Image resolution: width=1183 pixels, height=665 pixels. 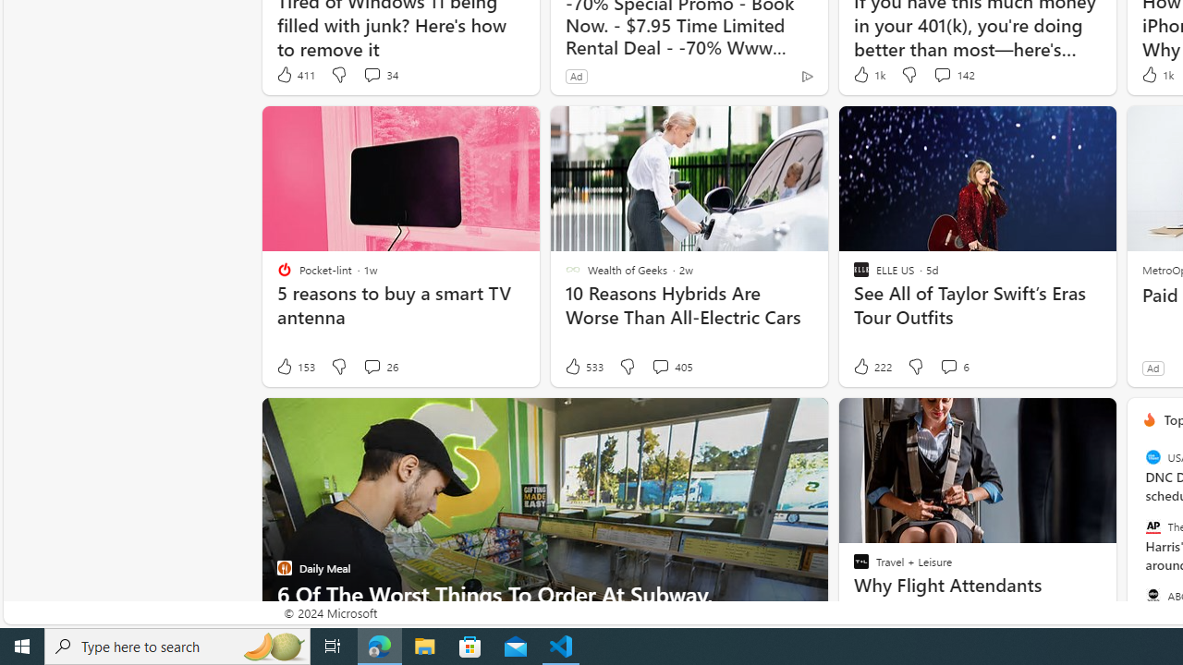 I want to click on 'ABC News', so click(x=1152, y=595).